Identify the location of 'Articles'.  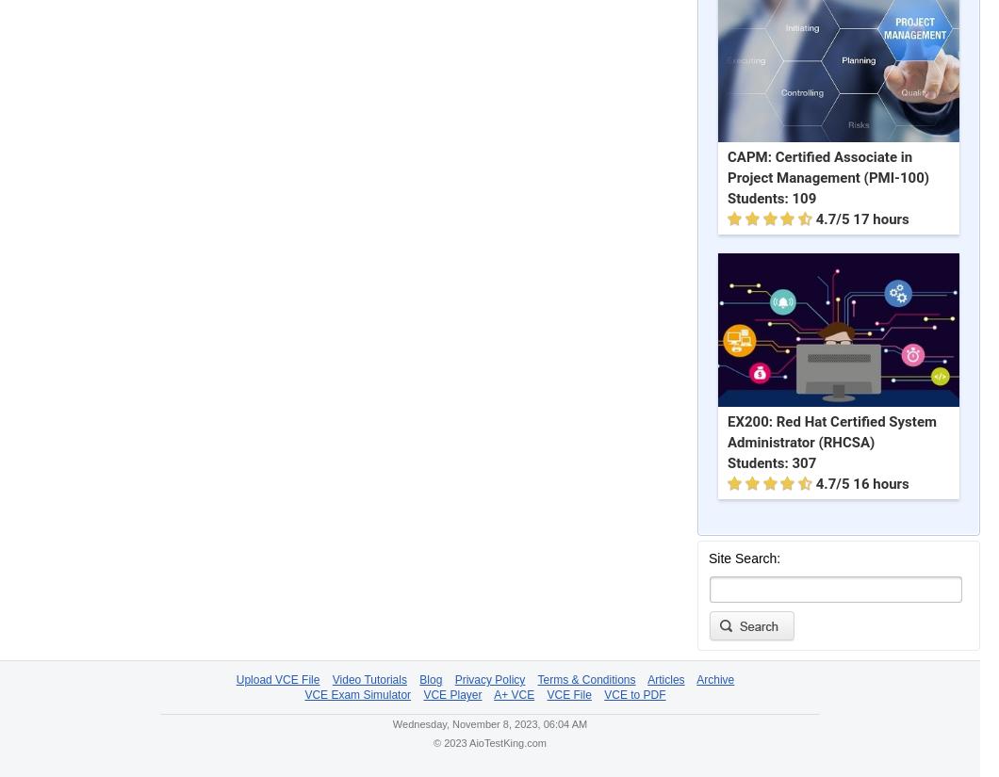
(646, 679).